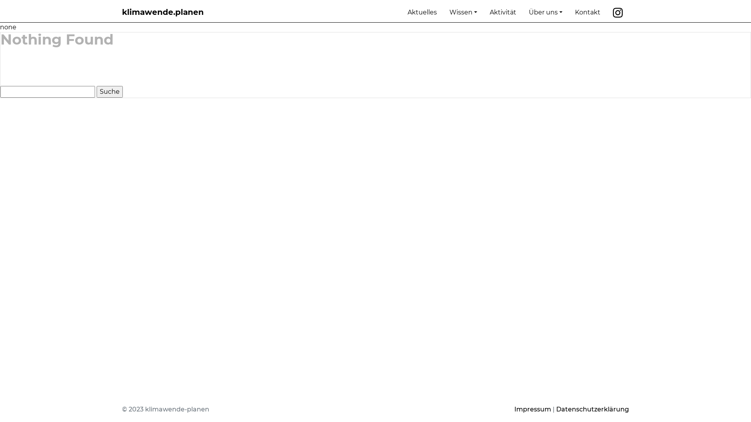 The width and height of the screenshot is (751, 422). I want to click on 'Wissen', so click(463, 12).